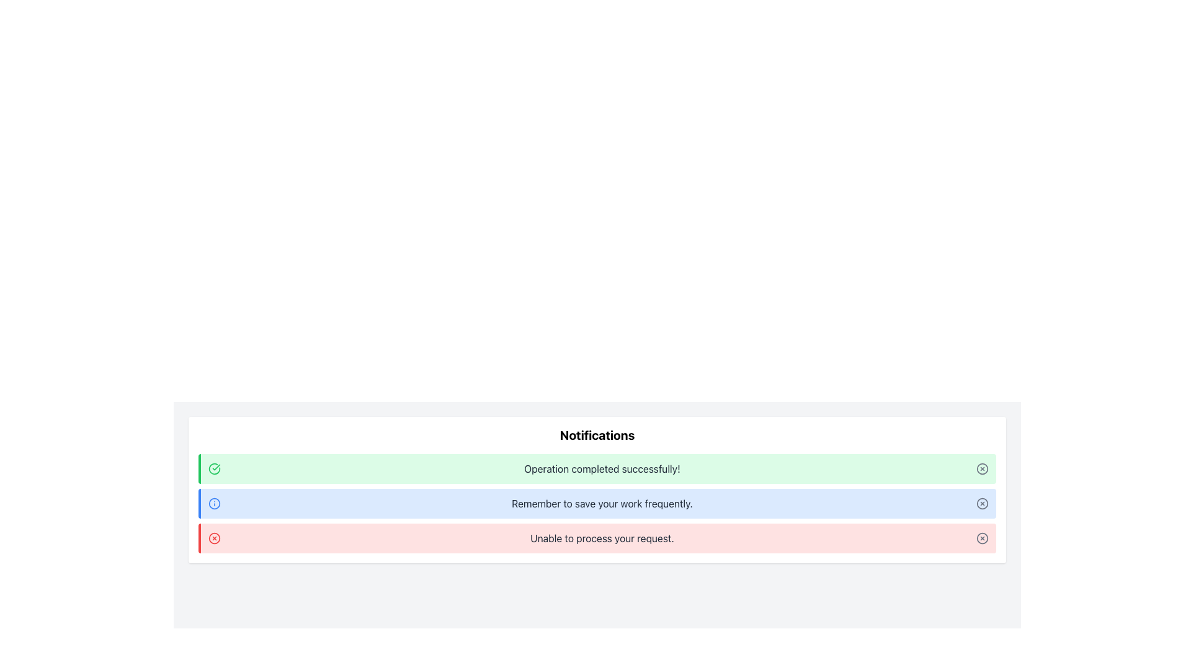 The width and height of the screenshot is (1191, 670). What do you see at coordinates (214, 469) in the screenshot?
I see `the indication represented` at bounding box center [214, 469].